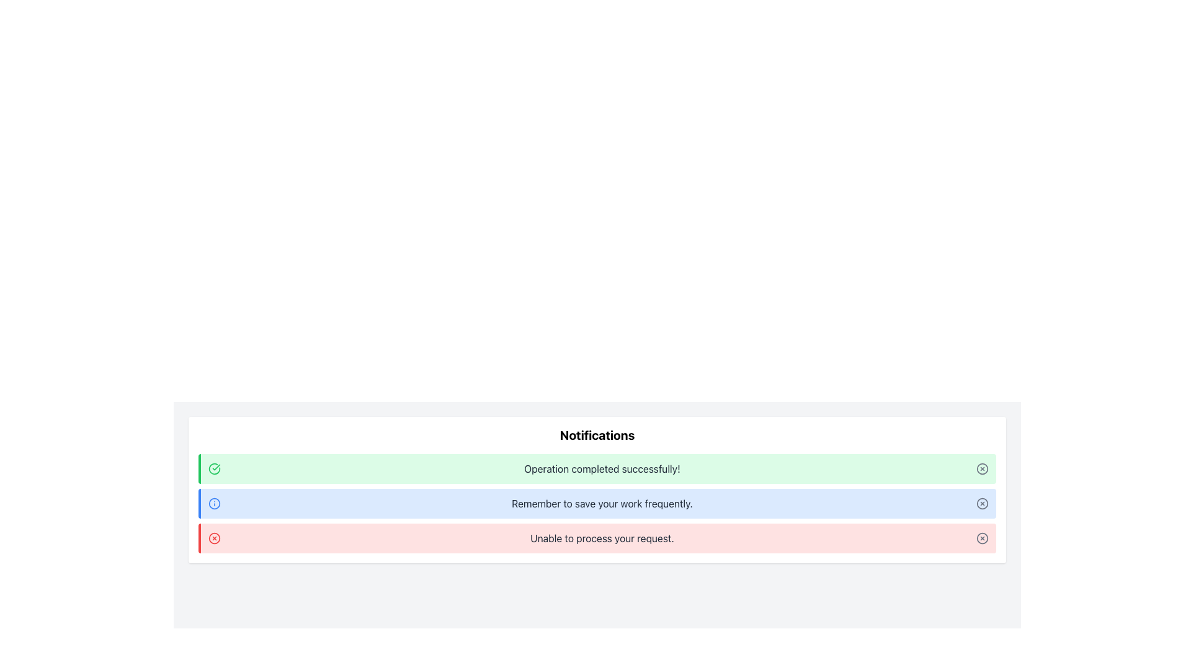 The width and height of the screenshot is (1191, 670). What do you see at coordinates (214, 469) in the screenshot?
I see `the indication represented` at bounding box center [214, 469].